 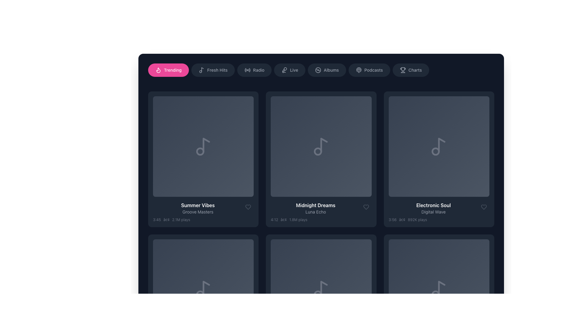 I want to click on the Interactive button that navigates to the Albums section of the application, so click(x=321, y=70).